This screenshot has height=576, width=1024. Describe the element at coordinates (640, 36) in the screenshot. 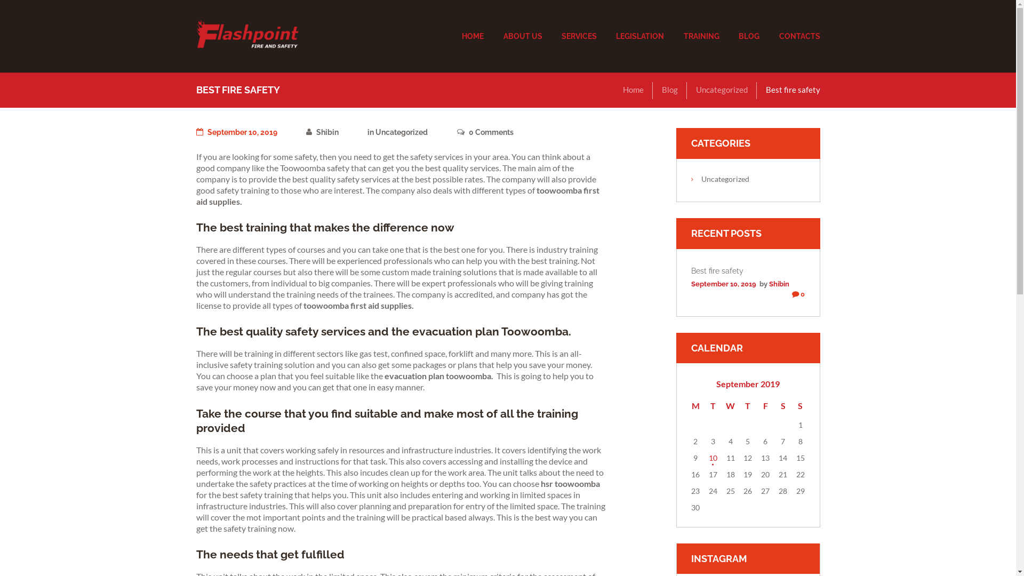

I see `'LEGISLATION'` at that location.